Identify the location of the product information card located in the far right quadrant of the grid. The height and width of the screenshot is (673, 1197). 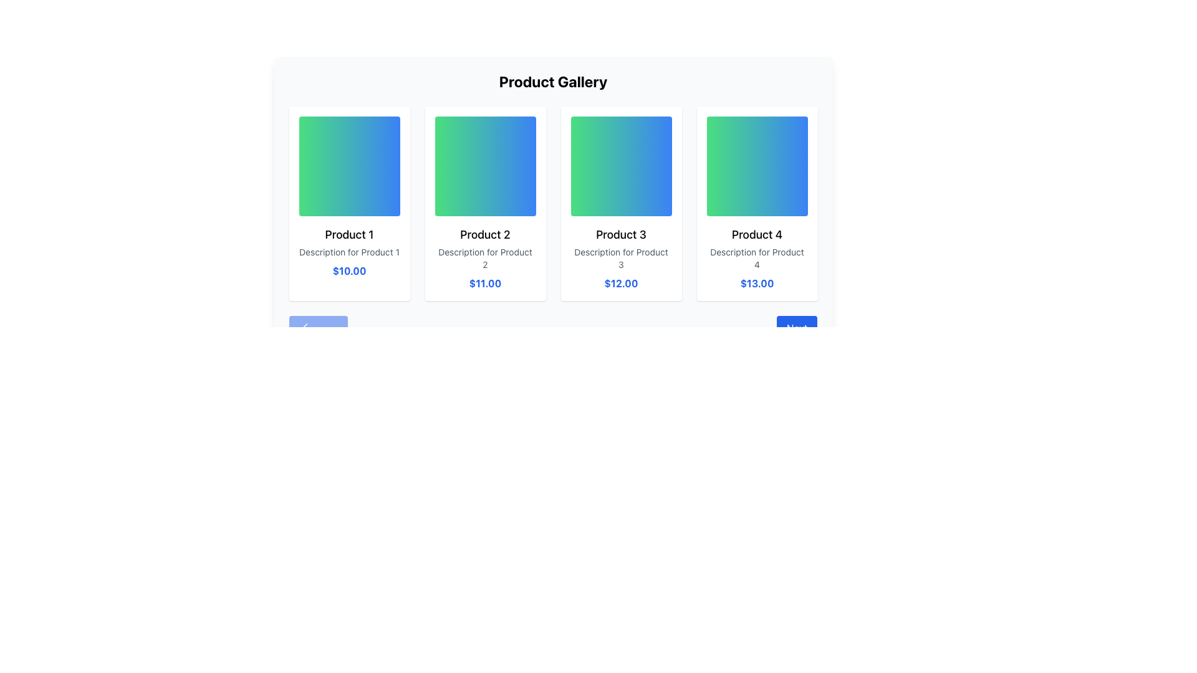
(756, 203).